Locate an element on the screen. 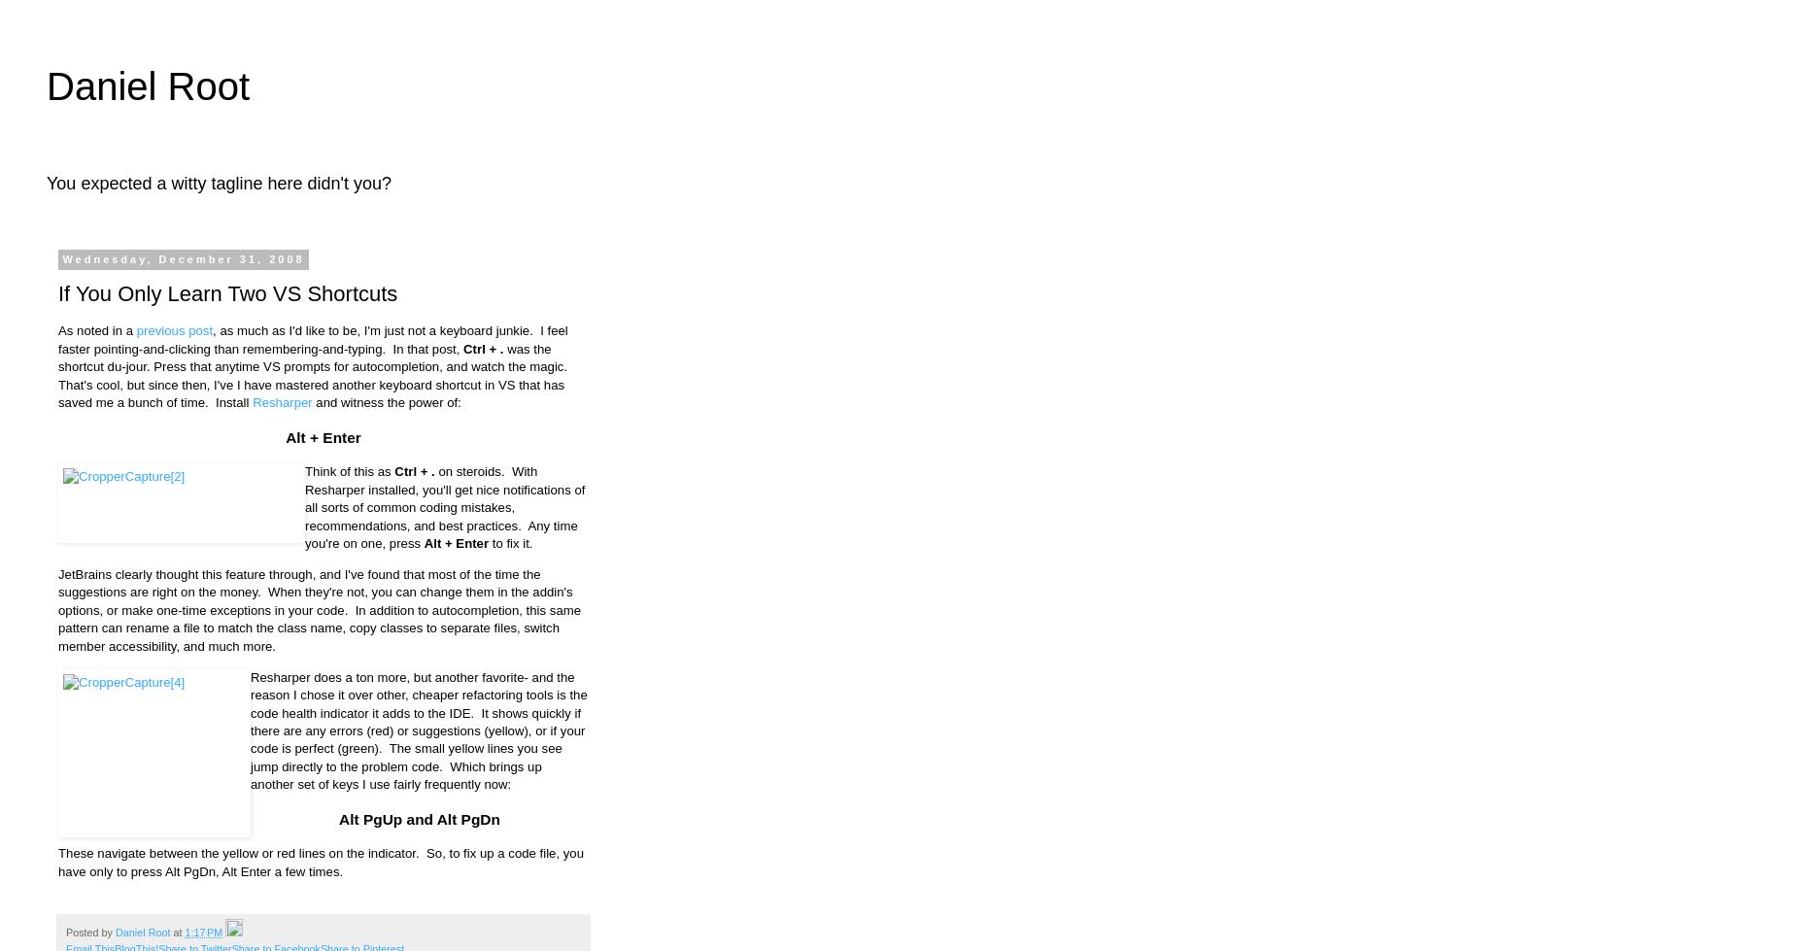 The height and width of the screenshot is (951, 1805). 'on steroids.  With Resharper installed, you'll get nice notifications of all sorts of common coding mistakes, recommendations, and best' is located at coordinates (305, 496).